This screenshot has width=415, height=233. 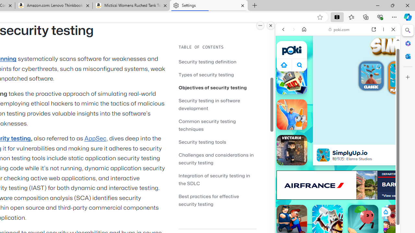 I want to click on 'Class: rounded img-fluid d-block w-100 fit-cover', so click(x=402, y=75).